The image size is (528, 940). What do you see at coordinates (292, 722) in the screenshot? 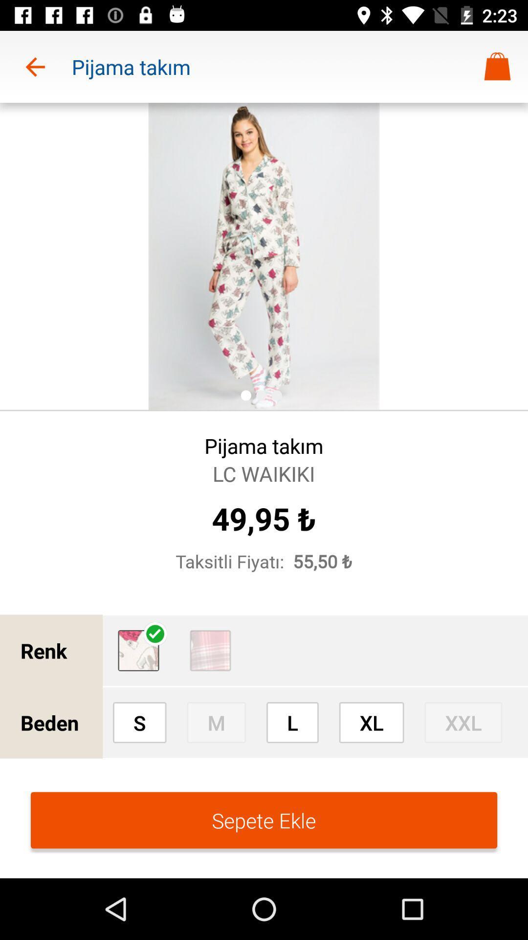
I see `l` at bounding box center [292, 722].